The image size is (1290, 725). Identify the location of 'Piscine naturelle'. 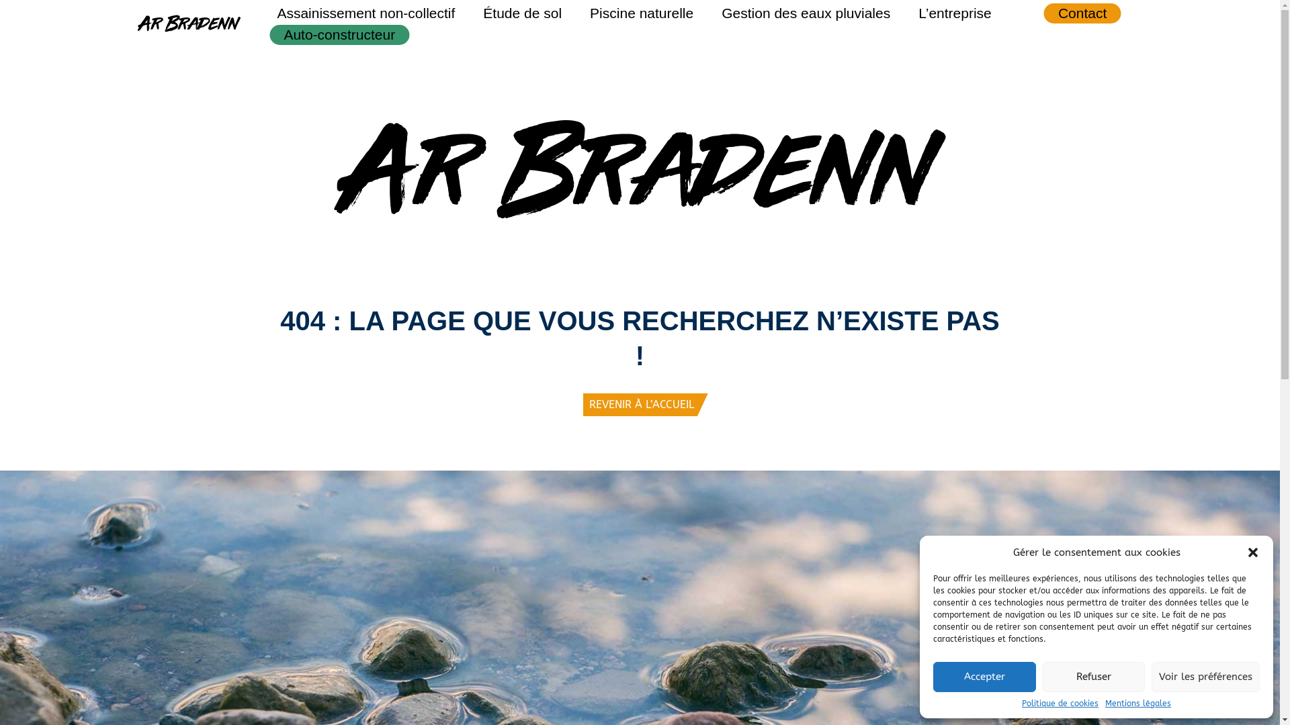
(641, 13).